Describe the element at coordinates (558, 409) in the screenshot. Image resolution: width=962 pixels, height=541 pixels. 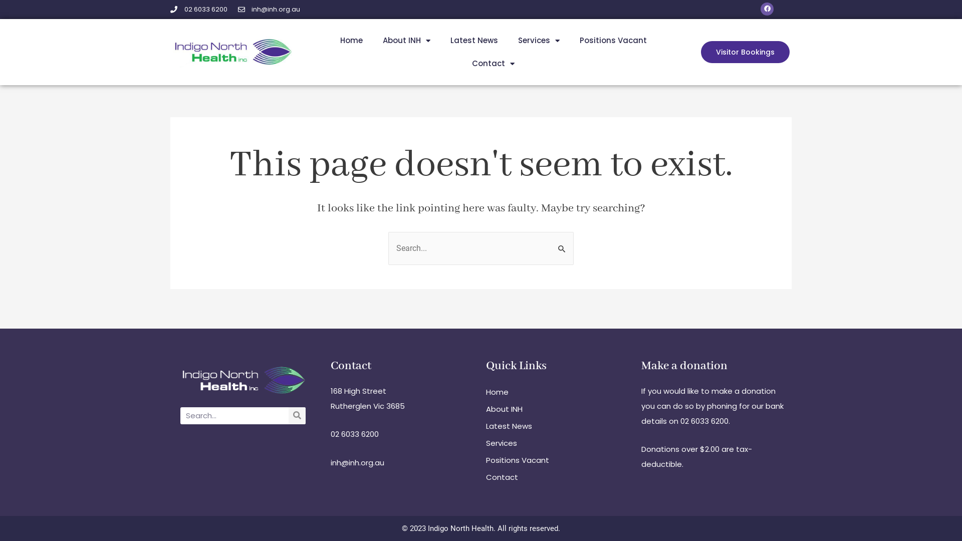
I see `'About INH'` at that location.